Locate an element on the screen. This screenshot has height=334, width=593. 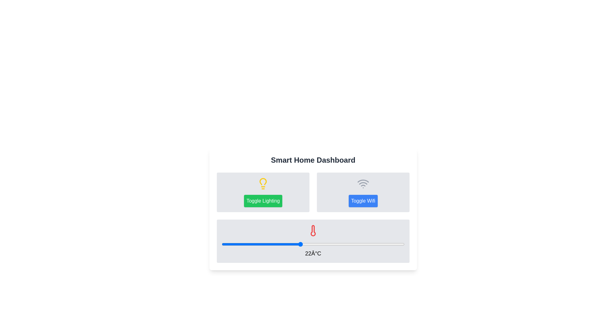
the 'Smart Home Dashboard' text heading for accessibility tools is located at coordinates (313, 160).